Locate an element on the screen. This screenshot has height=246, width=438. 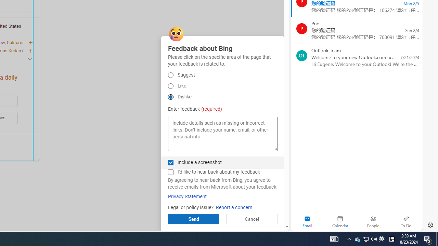
'Calendar. Date today is 22' is located at coordinates (340, 221).